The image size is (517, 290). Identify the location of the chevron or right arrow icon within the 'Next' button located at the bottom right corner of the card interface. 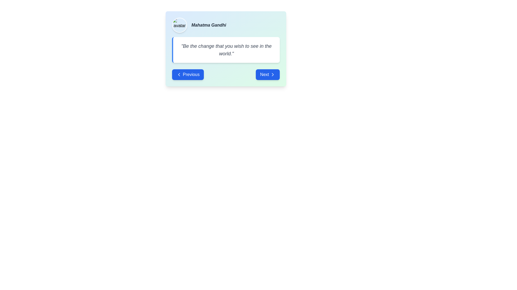
(273, 74).